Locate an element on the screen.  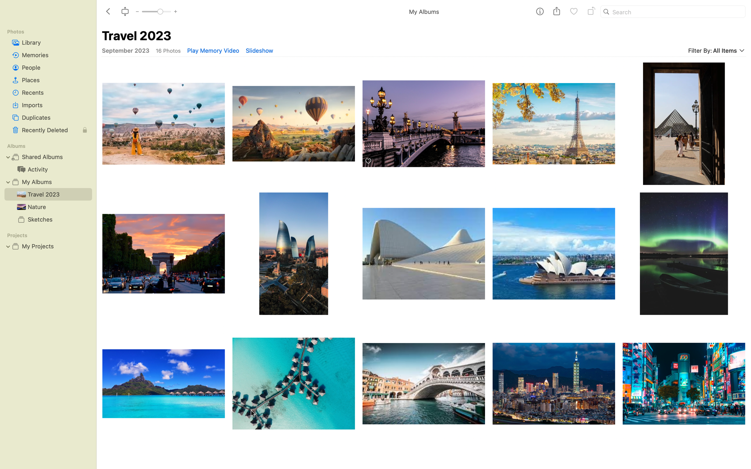
"Places" album and maximize images using the top navigation bar is located at coordinates (48, 80).